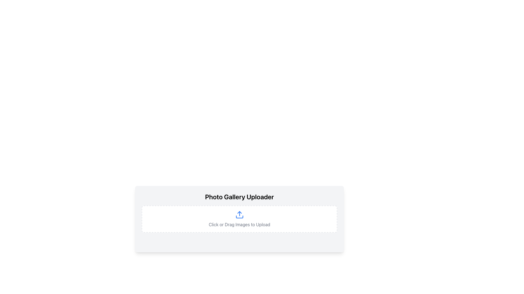 The image size is (524, 294). What do you see at coordinates (239, 226) in the screenshot?
I see `the File Upload Widget, which features a dashed rectangle icon with a blue upload icon and instructions saying 'Click or Drag Images to Upload.'` at bounding box center [239, 226].